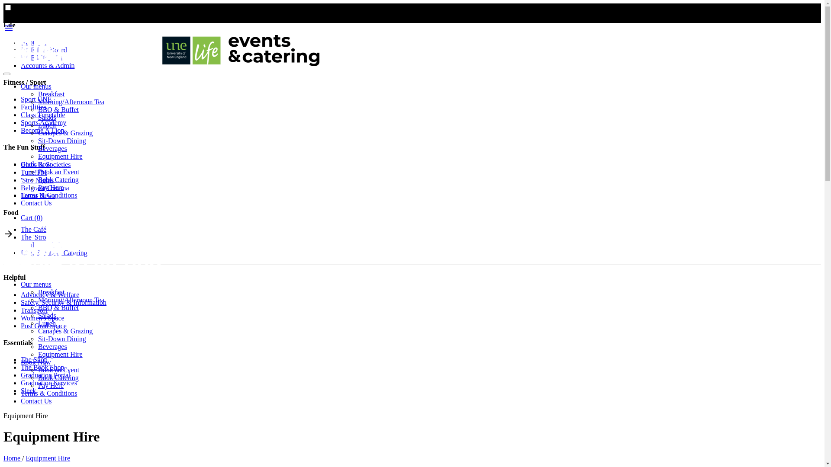 This screenshot has height=467, width=831. I want to click on 'Beverages', so click(52, 346).